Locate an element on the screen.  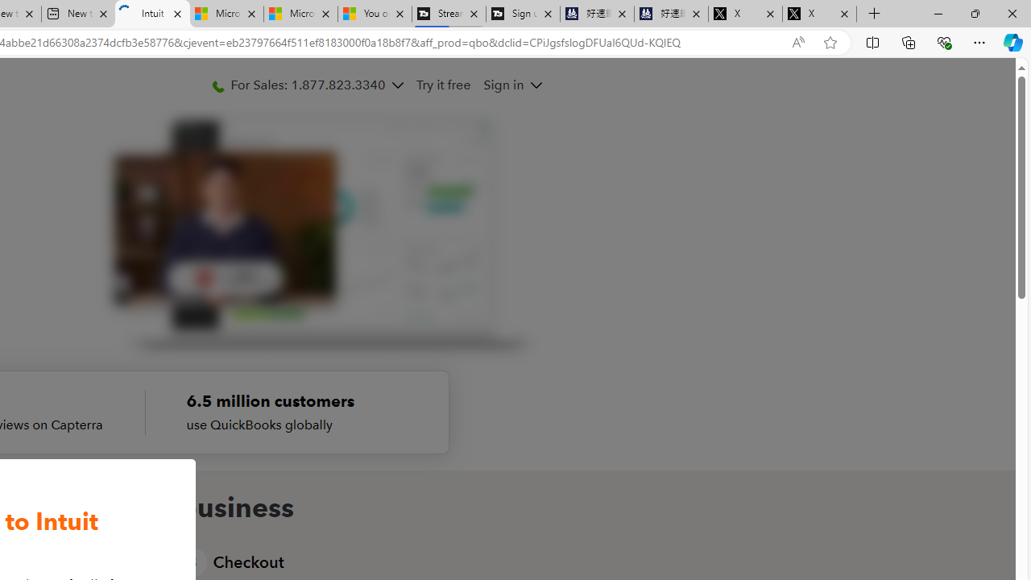
'Try it free' is located at coordinates (445, 85).